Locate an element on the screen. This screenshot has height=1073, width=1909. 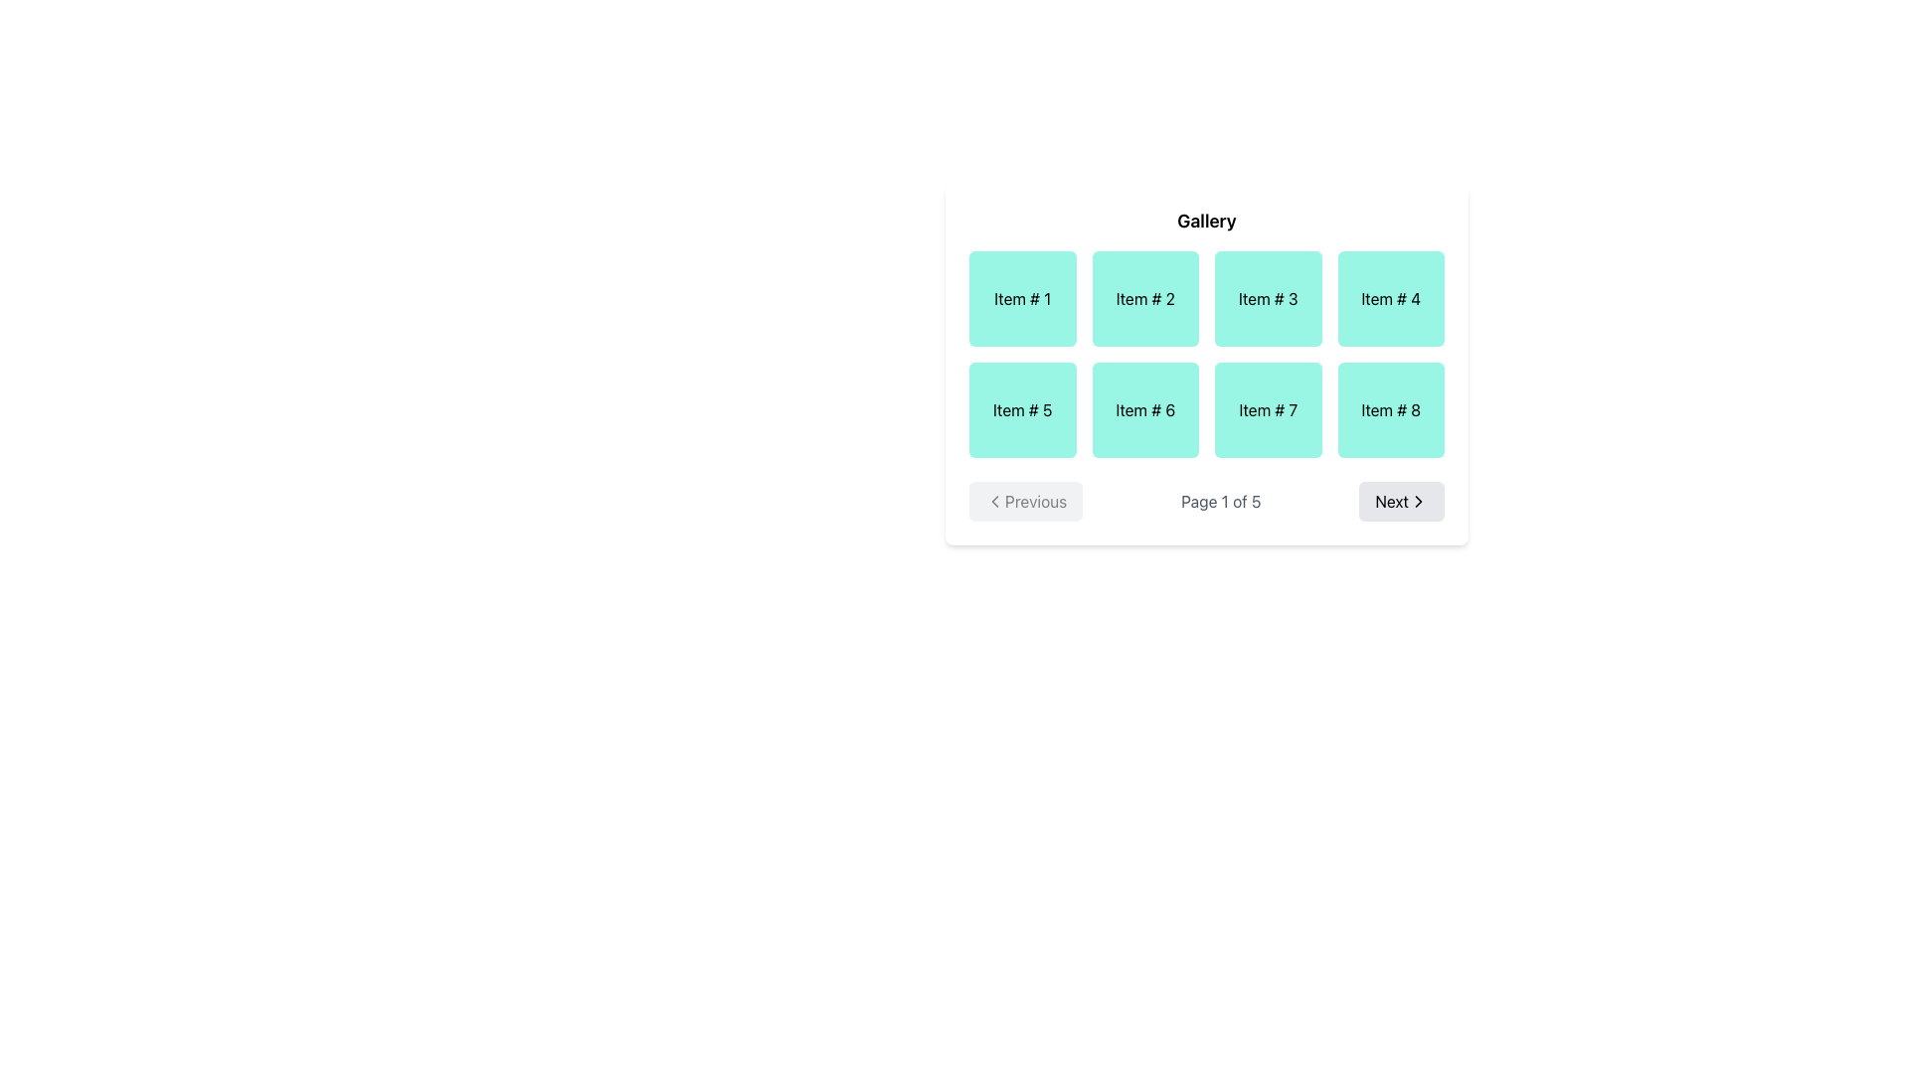
the static display component labeled 'Item # 2' which is the second box in a 4-column grid layout, positioned between 'Item # 1' and 'Item # 3' is located at coordinates (1145, 298).